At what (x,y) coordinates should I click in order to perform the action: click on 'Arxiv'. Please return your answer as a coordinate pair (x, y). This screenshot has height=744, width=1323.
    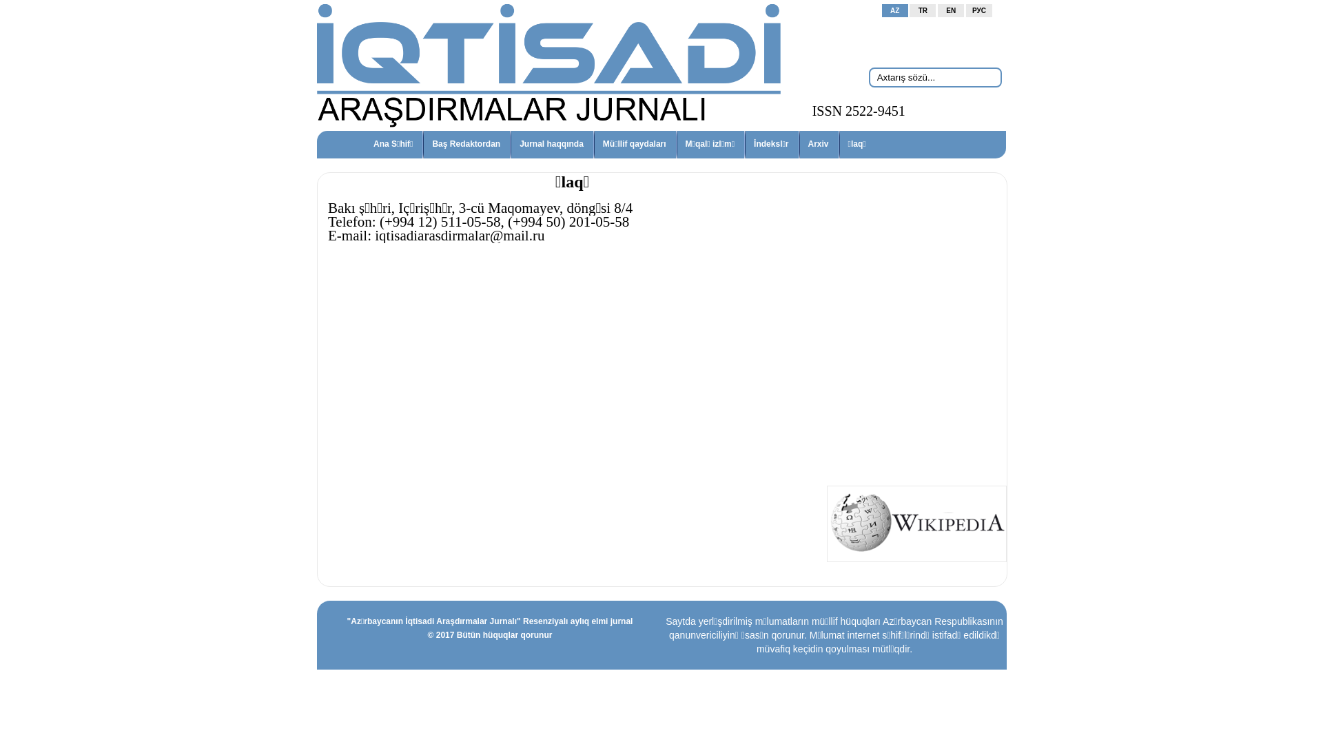
    Looking at the image, I should click on (819, 143).